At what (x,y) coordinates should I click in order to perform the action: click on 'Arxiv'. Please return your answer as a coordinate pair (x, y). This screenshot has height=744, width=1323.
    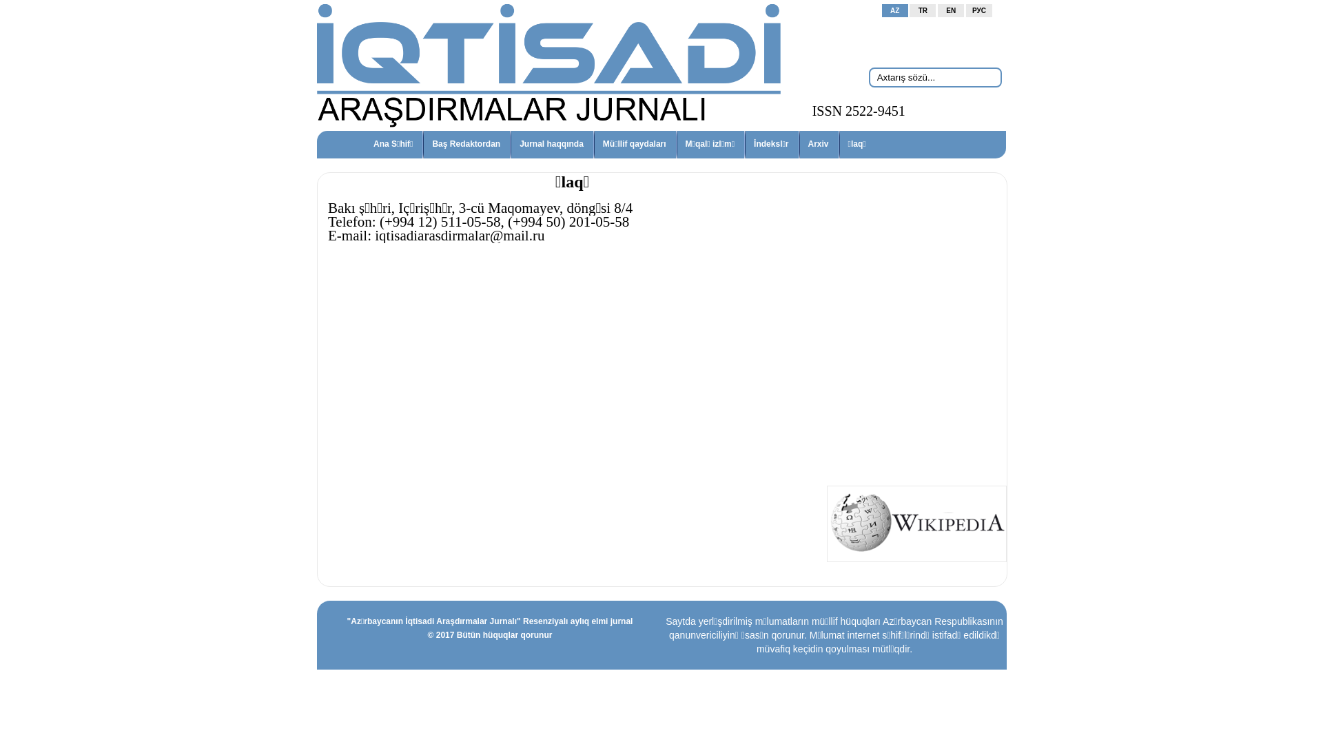
    Looking at the image, I should click on (819, 143).